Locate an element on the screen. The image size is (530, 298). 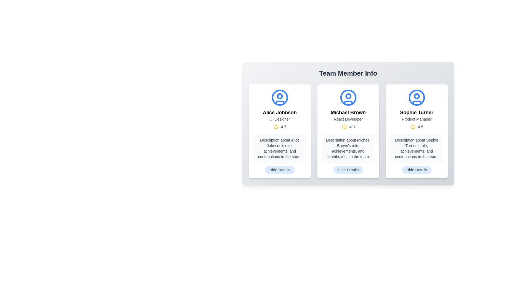
rating value from the yellow star icon with the text '4.9' located in the middle card beneath the name 'Michael Brown' is located at coordinates (348, 127).